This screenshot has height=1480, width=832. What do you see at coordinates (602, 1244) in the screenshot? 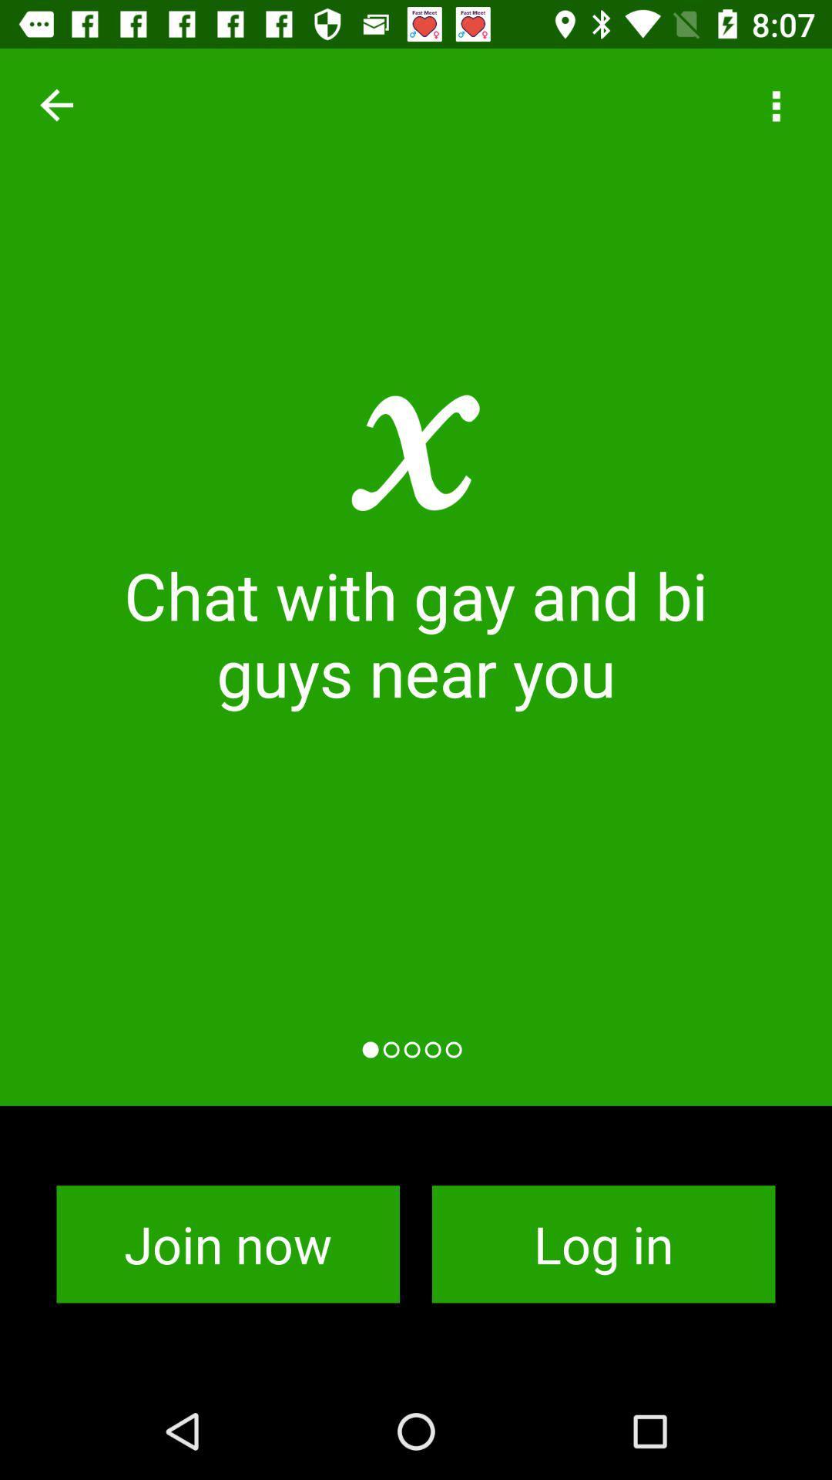
I see `the app to the right of the join now icon` at bounding box center [602, 1244].